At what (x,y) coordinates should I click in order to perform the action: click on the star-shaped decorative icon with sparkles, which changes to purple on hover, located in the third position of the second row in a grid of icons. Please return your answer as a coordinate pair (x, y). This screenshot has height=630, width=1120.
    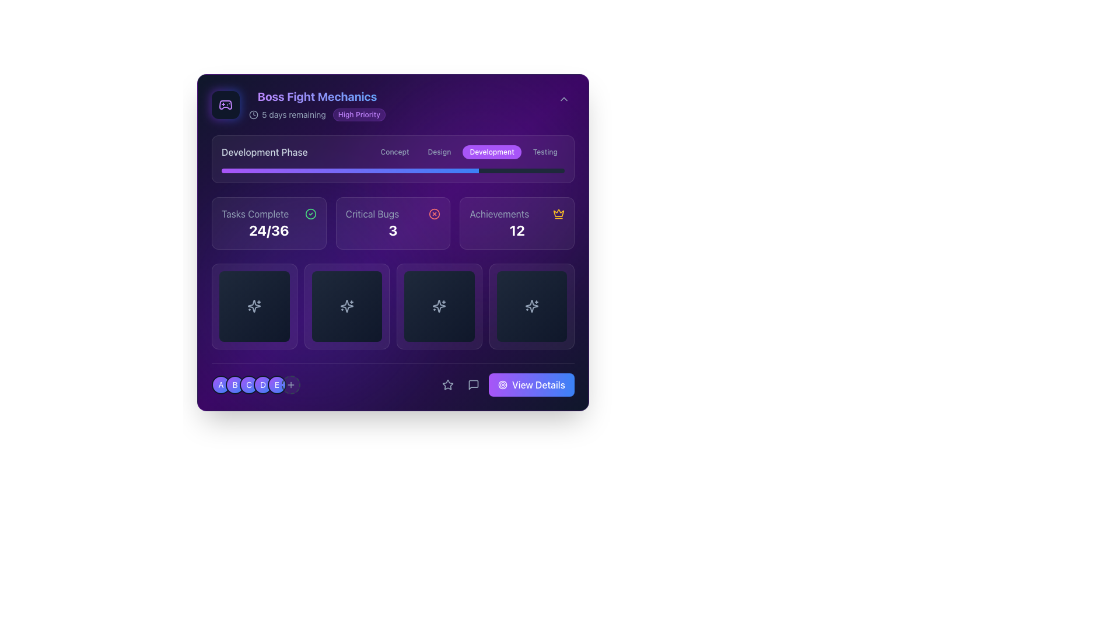
    Looking at the image, I should click on (439, 306).